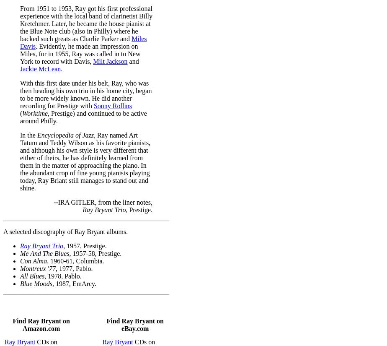 Image resolution: width=387 pixels, height=346 pixels. Describe the element at coordinates (53, 202) in the screenshot. I see `'--IRA GITLER, from the liner notes,'` at that location.